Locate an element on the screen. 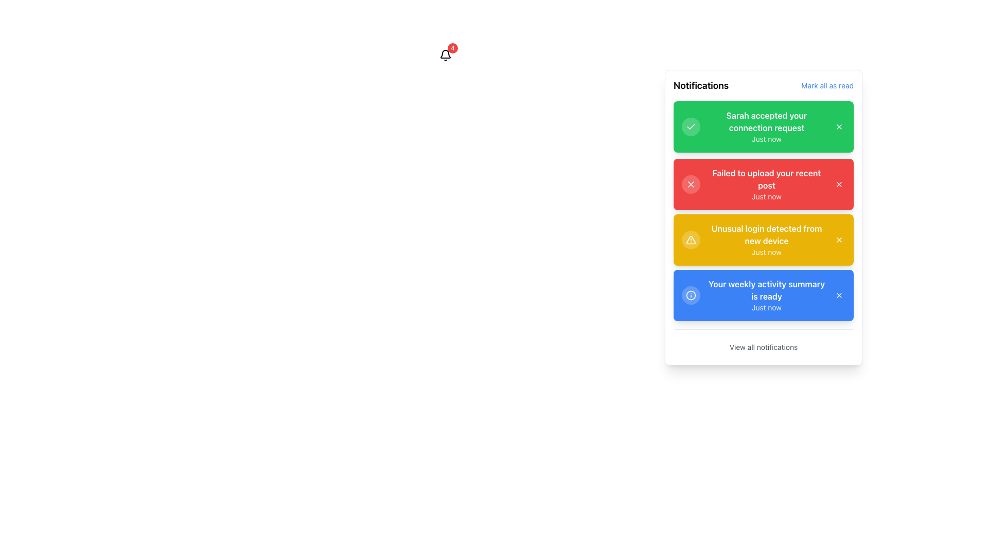  the third notification item in the notification popup panel, which has a yellow background and contains the title 'Unusual login detected from new device' and a caption 'Just now.' is located at coordinates (766, 239).